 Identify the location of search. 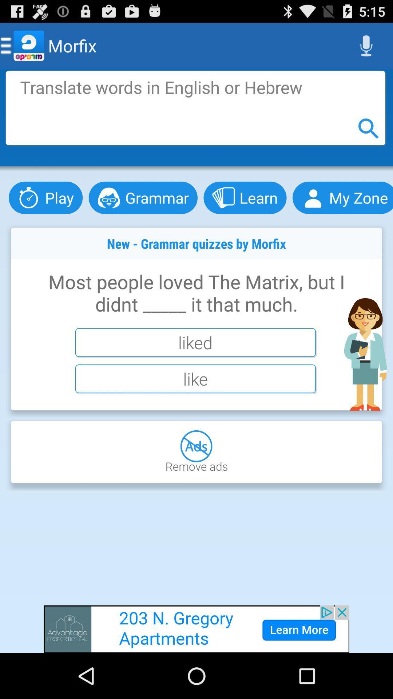
(195, 107).